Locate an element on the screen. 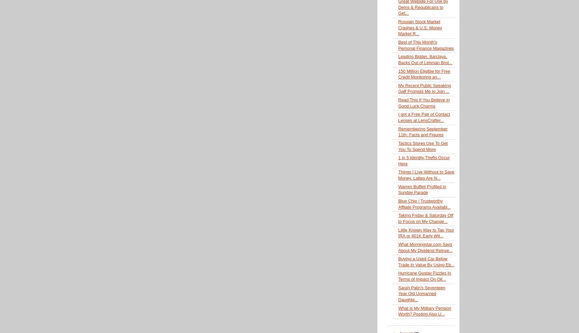  'Little Known Way to Tap Your IRA or 401K Early Wit...' is located at coordinates (426, 233).